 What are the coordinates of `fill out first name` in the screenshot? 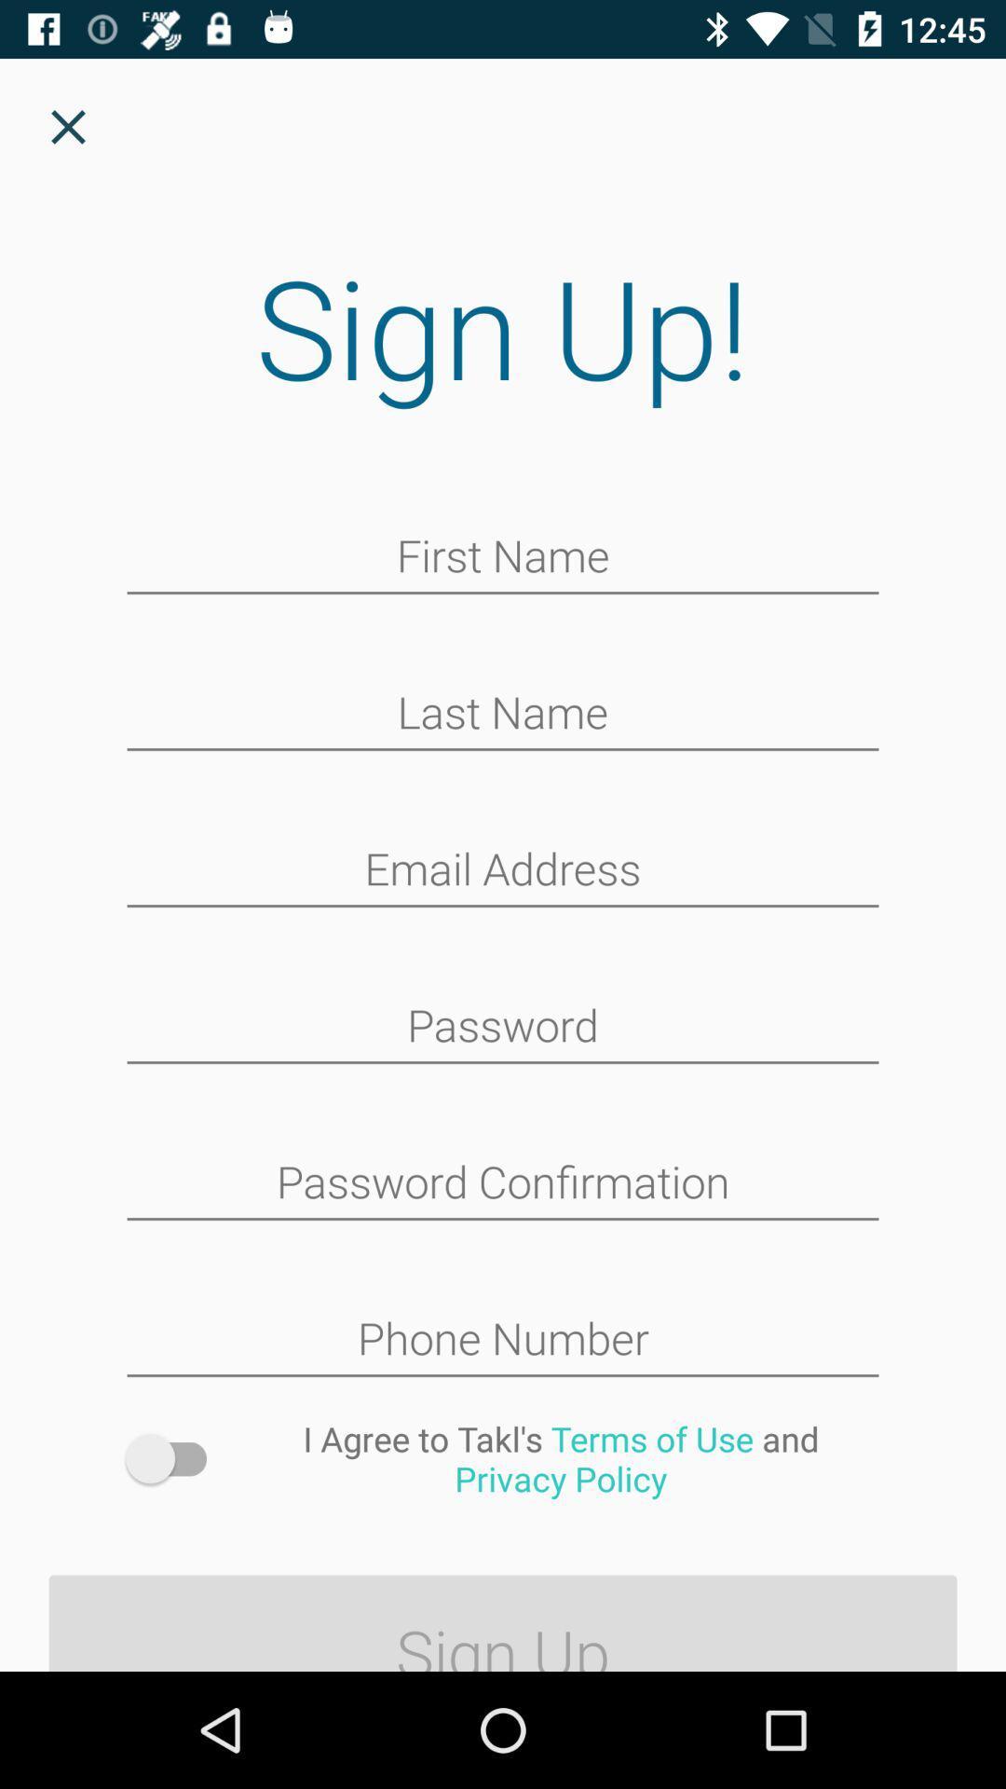 It's located at (503, 557).